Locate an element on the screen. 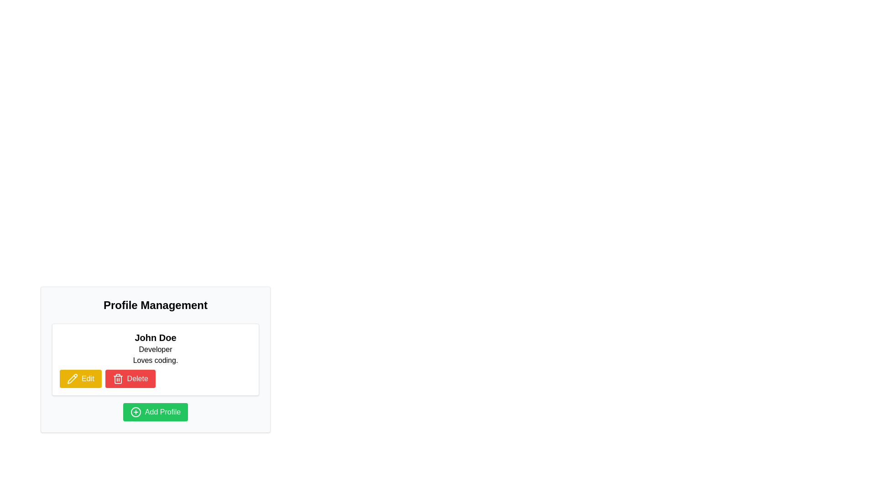 This screenshot has height=493, width=876. the pencil icon on a yellow background, which is part of the 'Edit' button area, located to the left of the 'Delete' button is located at coordinates (72, 378).